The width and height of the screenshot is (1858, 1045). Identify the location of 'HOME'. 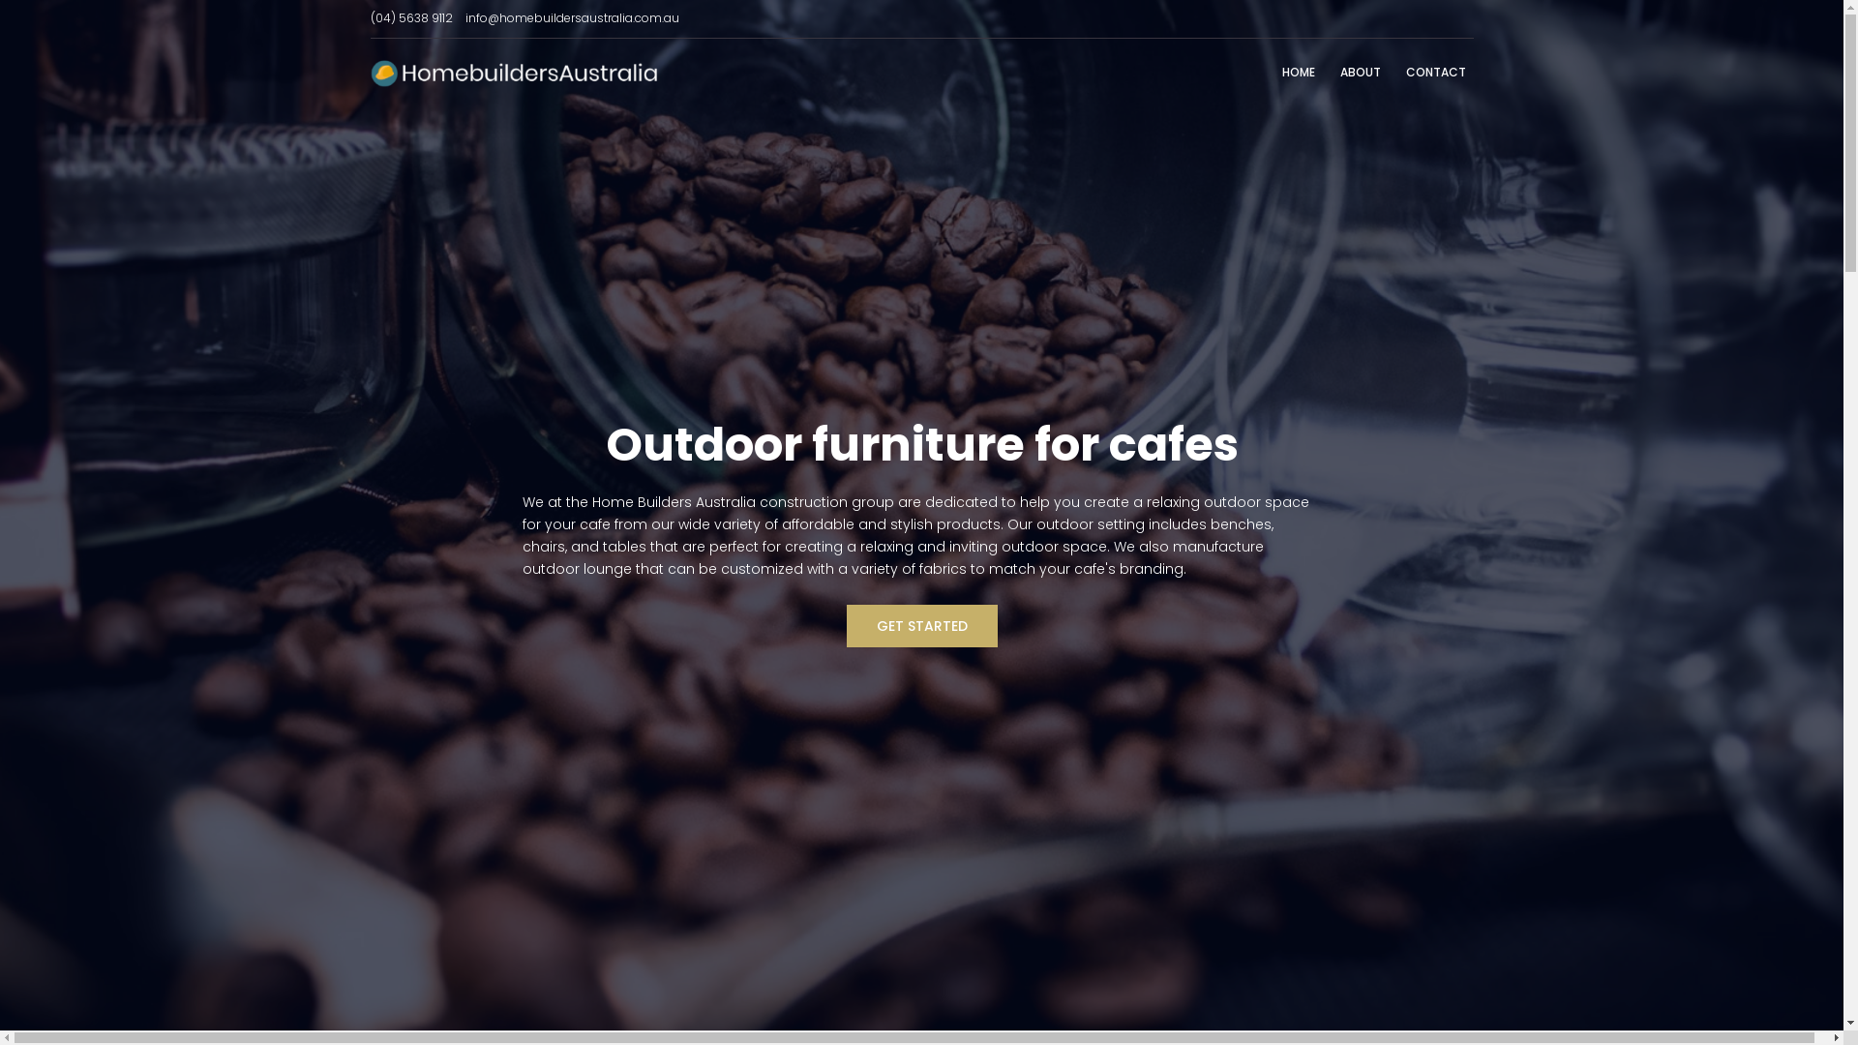
(1297, 72).